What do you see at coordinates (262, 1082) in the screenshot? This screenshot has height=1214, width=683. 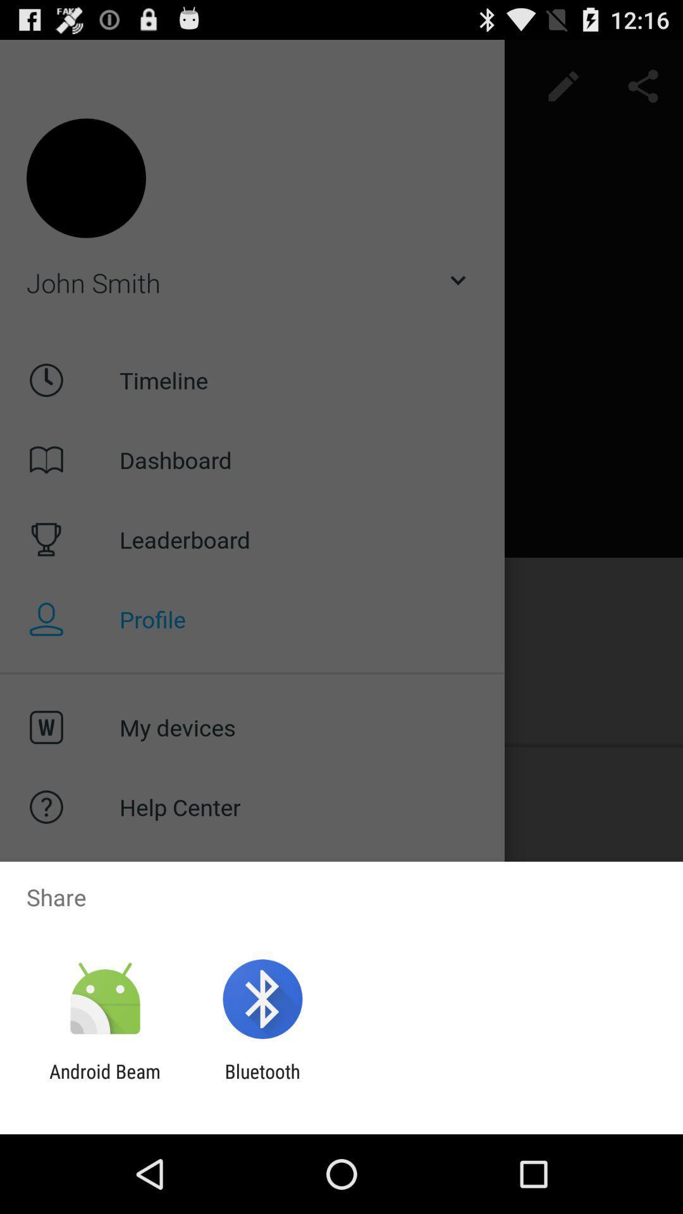 I see `the item to the right of the android beam app` at bounding box center [262, 1082].